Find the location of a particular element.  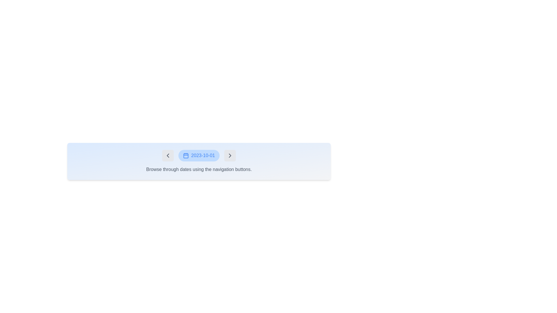

the right arrow button to navigate to a future date is located at coordinates (229, 155).